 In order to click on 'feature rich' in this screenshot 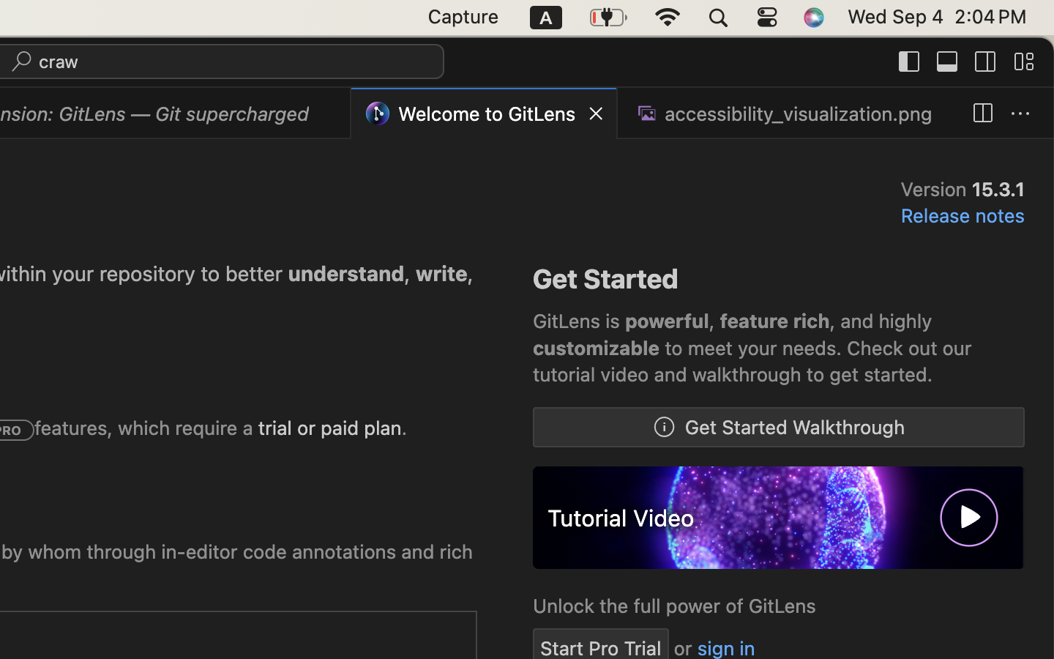, I will do `click(774, 321)`.